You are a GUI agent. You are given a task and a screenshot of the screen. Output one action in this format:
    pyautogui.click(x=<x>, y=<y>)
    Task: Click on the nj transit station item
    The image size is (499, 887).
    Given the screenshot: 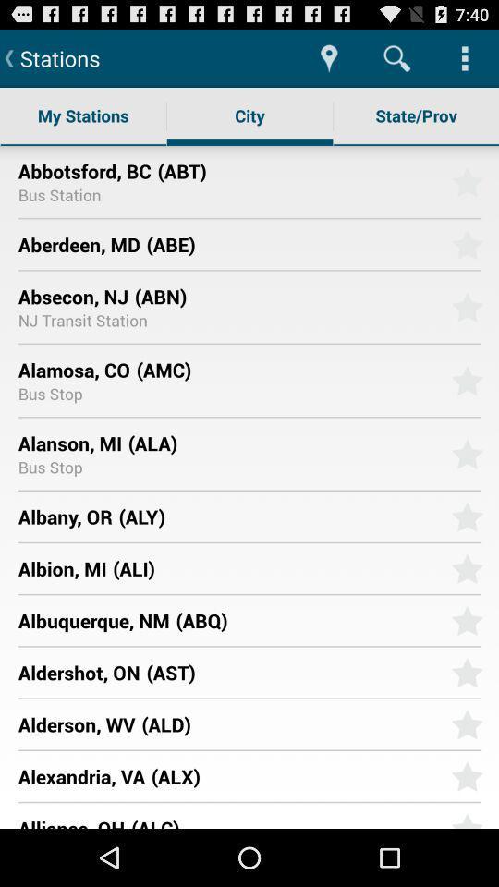 What is the action you would take?
    pyautogui.click(x=81, y=320)
    